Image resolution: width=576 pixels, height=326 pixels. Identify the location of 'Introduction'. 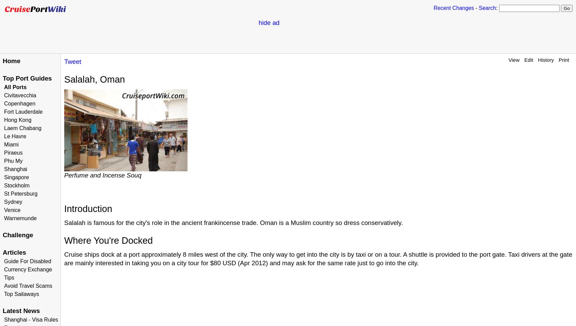
(88, 209).